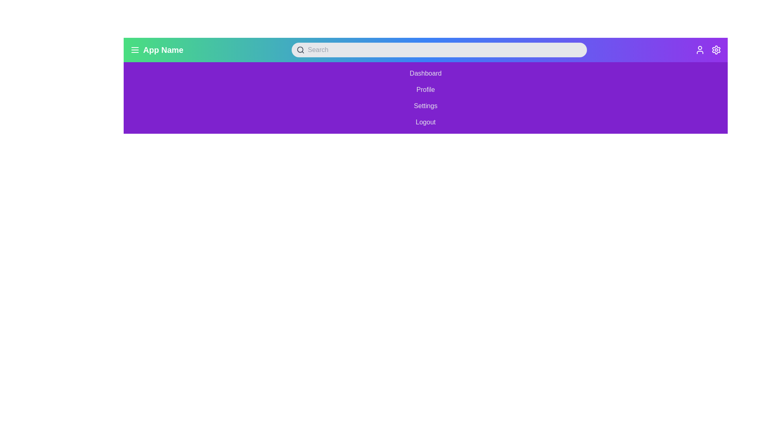 This screenshot has height=439, width=781. I want to click on the hamburger menu icon located in the header bar, so click(135, 50).